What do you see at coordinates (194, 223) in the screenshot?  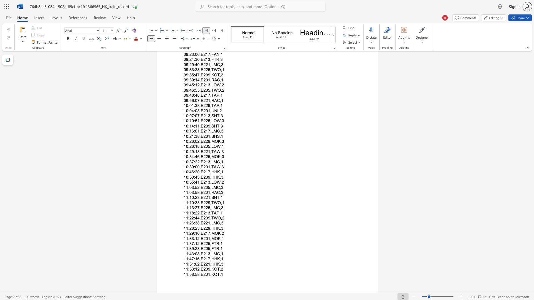 I see `the space between the continuous character "6" and ":" in the text` at bounding box center [194, 223].